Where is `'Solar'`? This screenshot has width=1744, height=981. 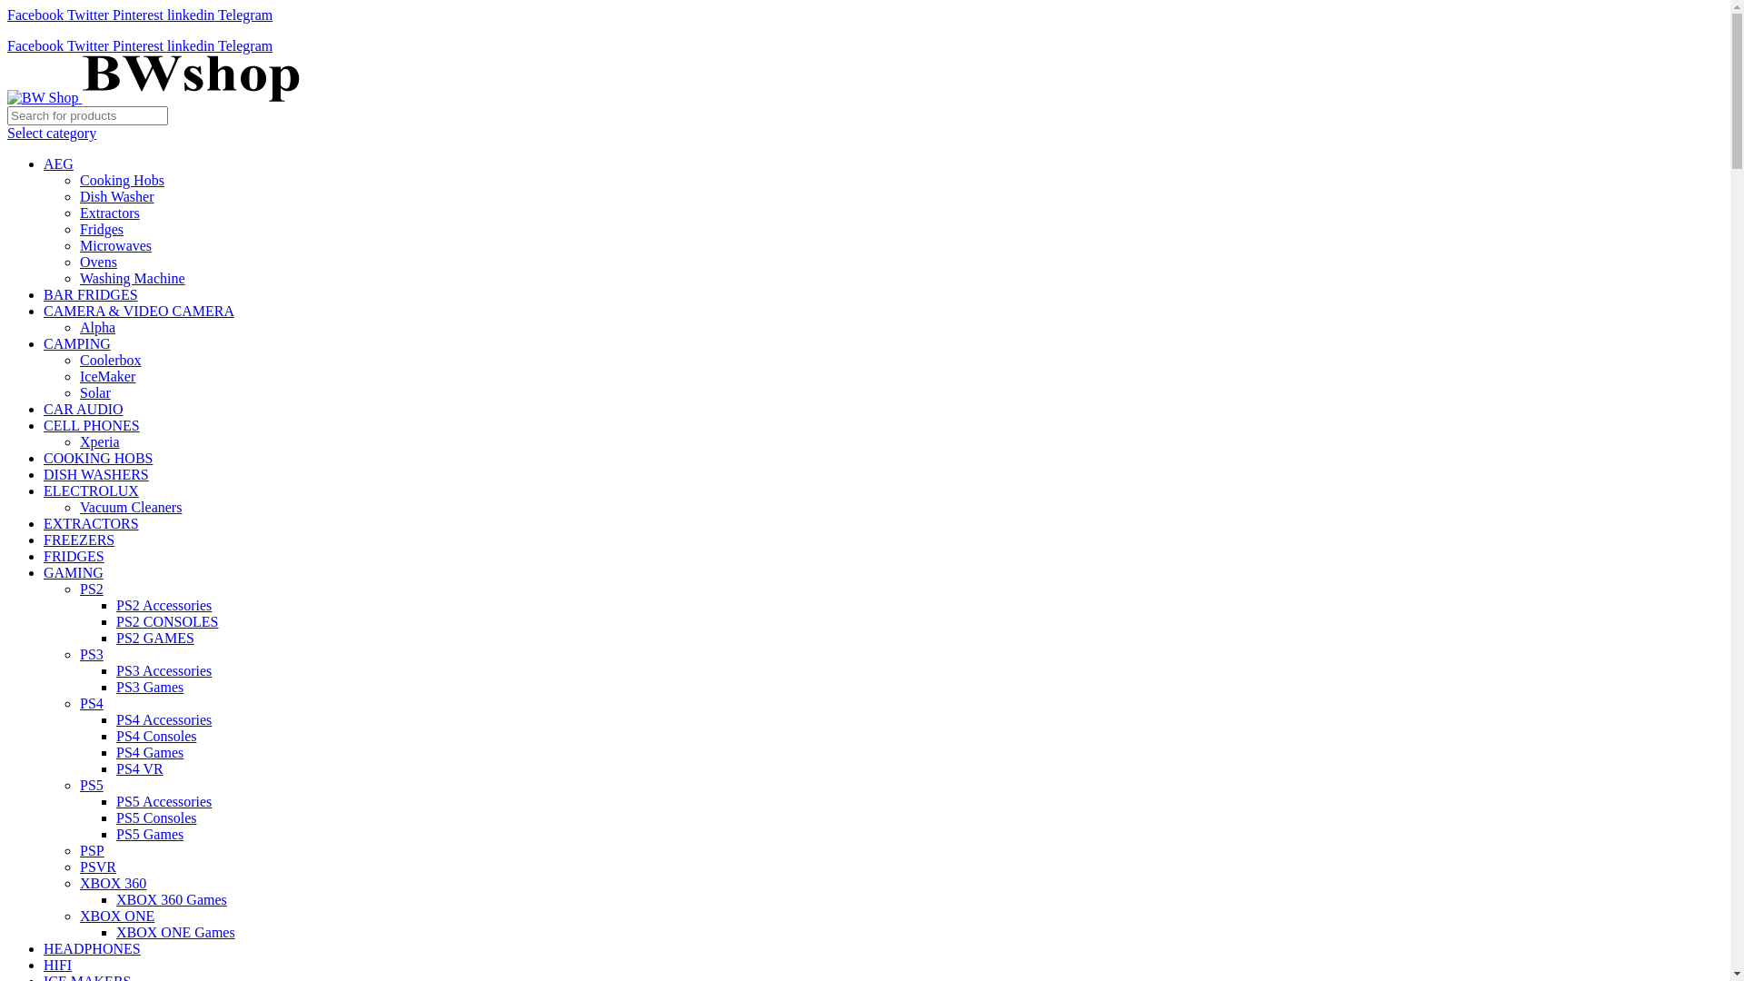 'Solar' is located at coordinates (94, 391).